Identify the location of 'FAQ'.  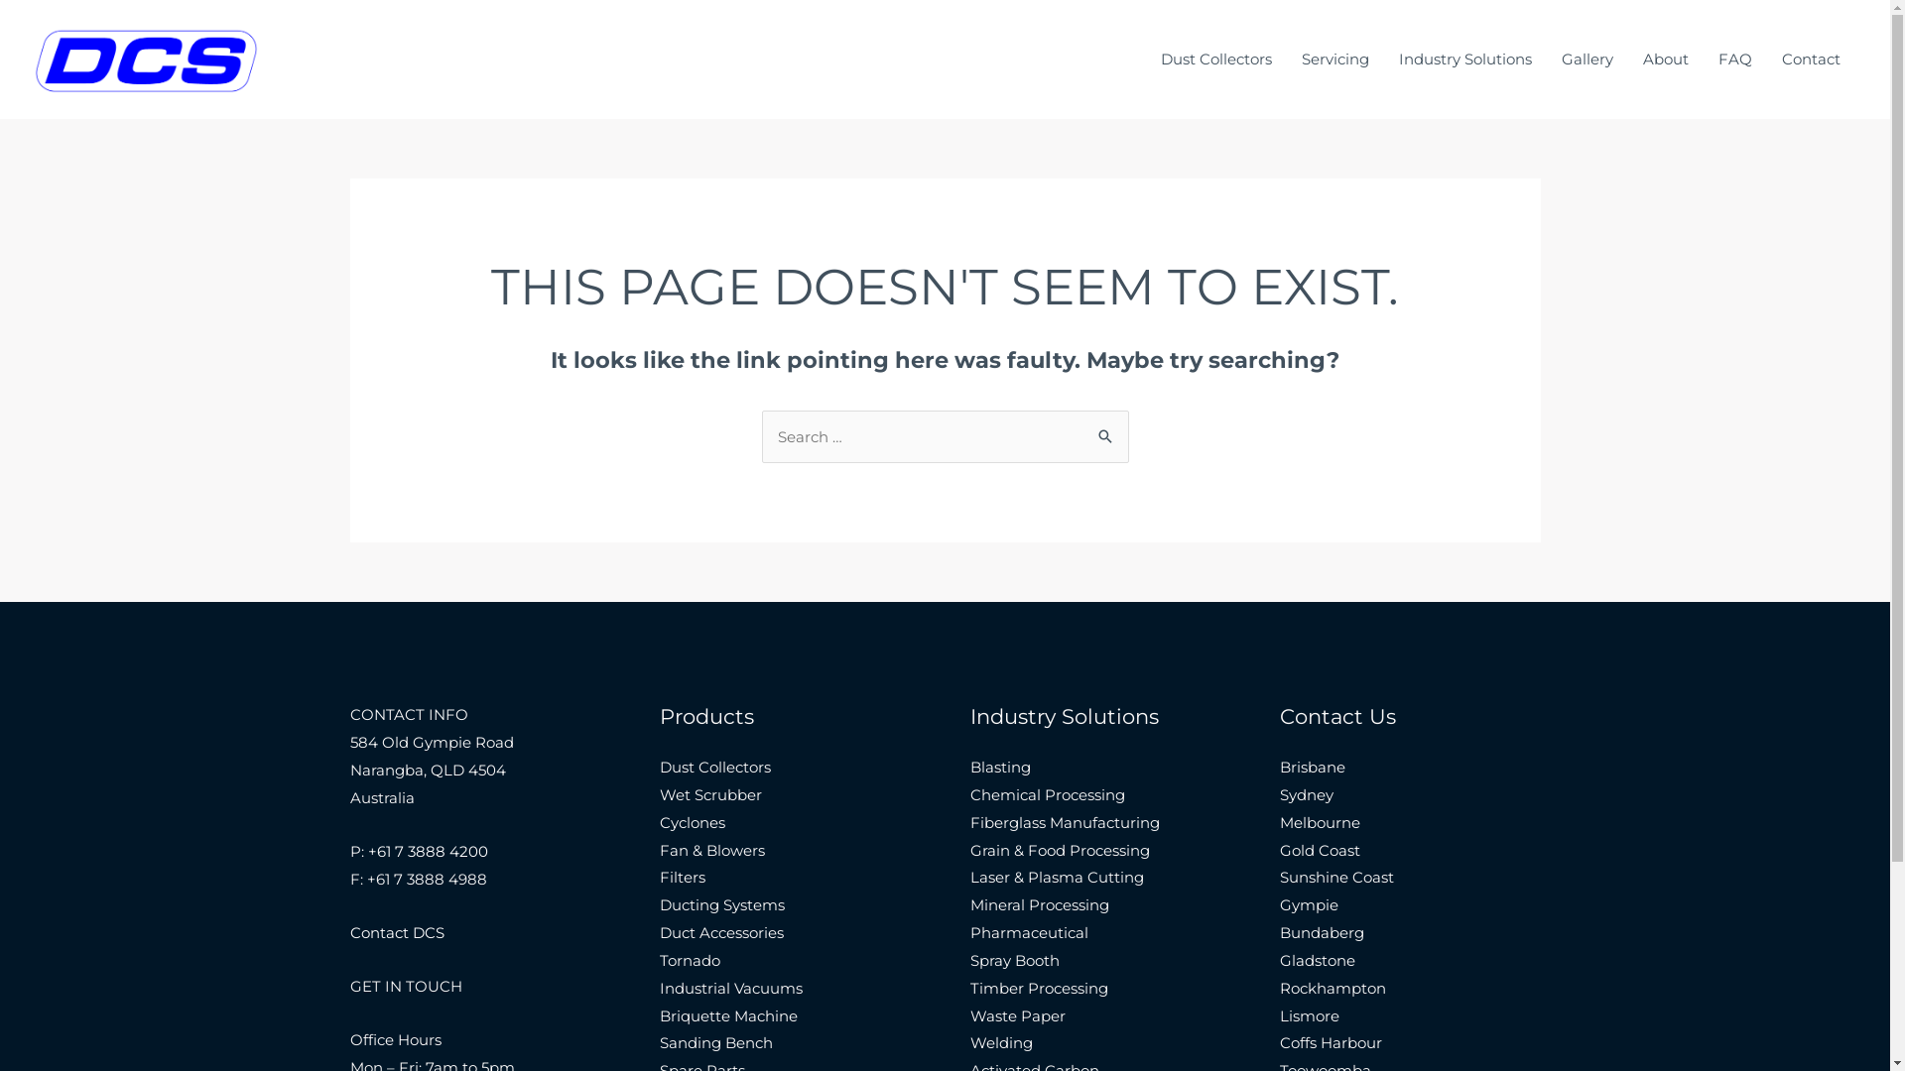
(1733, 59).